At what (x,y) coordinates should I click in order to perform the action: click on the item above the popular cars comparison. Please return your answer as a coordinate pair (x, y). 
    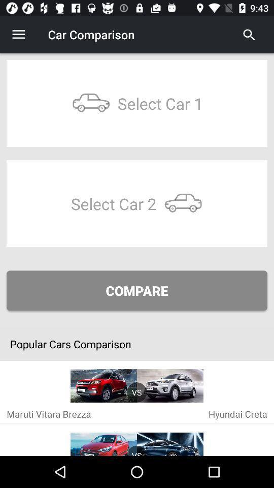
    Looking at the image, I should click on (137, 290).